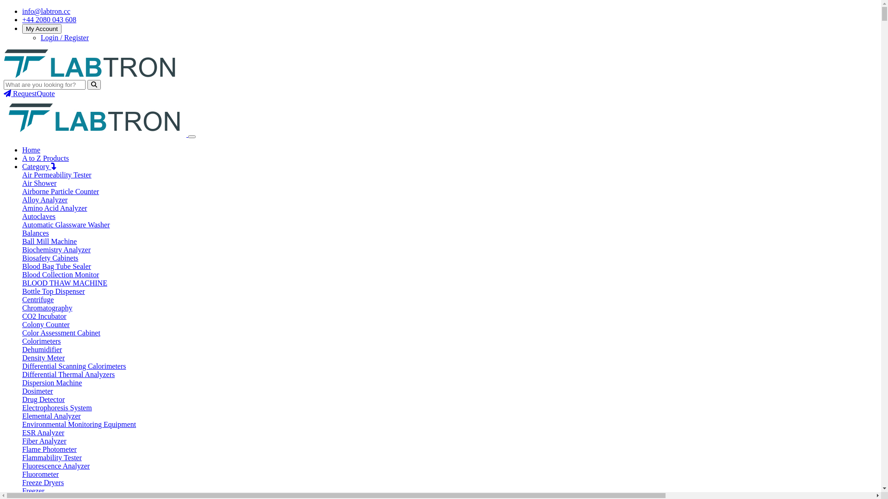 This screenshot has width=888, height=499. Describe the element at coordinates (35, 232) in the screenshot. I see `'Balances'` at that location.